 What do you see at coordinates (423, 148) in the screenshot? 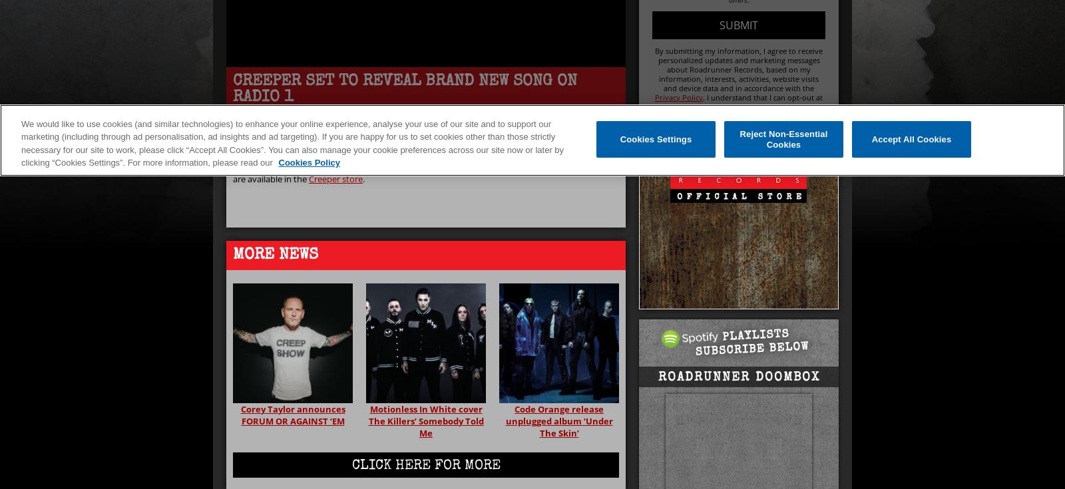
I see `'on BBC Radio 1. ‘Black Rain’ will be the Hottest Record In The World.'` at bounding box center [423, 148].